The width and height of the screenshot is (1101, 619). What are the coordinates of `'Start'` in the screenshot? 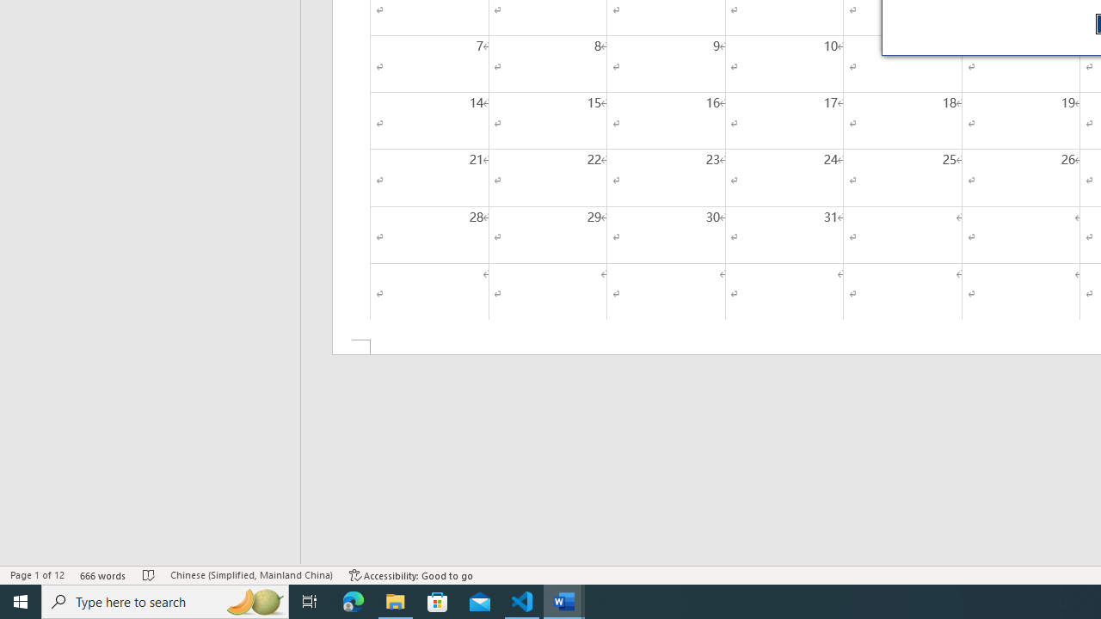 It's located at (21, 600).